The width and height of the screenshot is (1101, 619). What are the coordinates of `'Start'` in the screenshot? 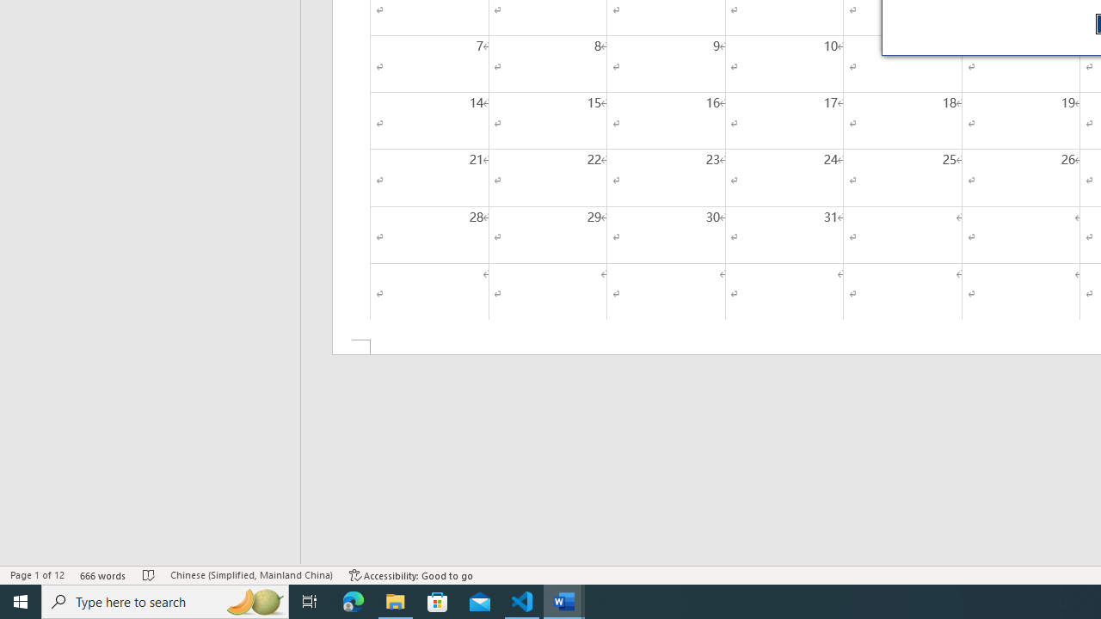 It's located at (21, 600).